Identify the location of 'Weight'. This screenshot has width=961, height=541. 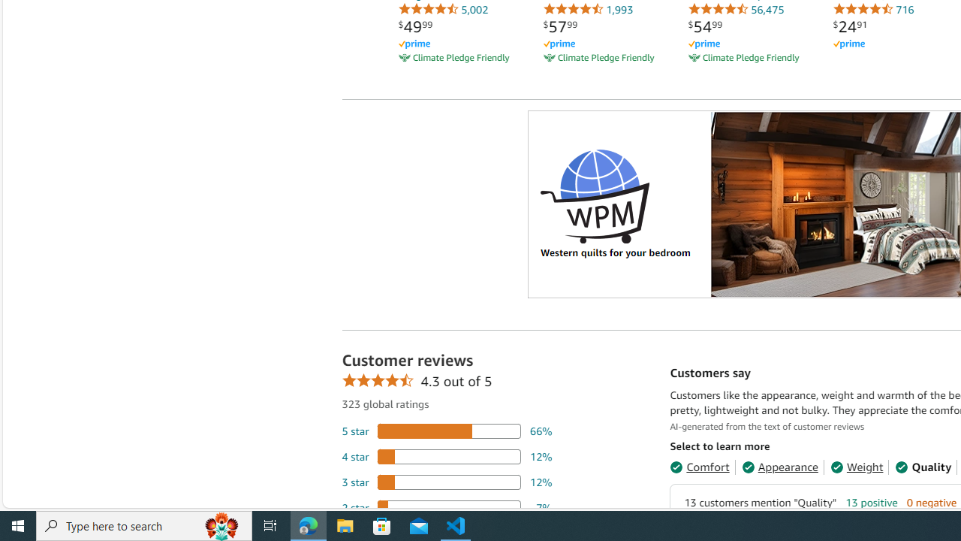
(857, 466).